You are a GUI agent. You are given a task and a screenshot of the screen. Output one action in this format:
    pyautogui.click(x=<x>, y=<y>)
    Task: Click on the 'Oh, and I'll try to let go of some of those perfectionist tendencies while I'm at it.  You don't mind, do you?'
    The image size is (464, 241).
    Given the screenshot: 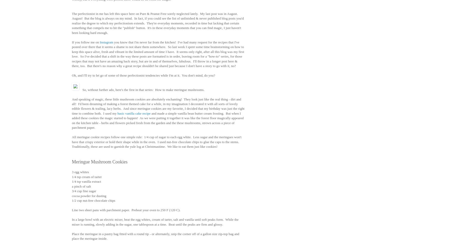 What is the action you would take?
    pyautogui.click(x=143, y=75)
    